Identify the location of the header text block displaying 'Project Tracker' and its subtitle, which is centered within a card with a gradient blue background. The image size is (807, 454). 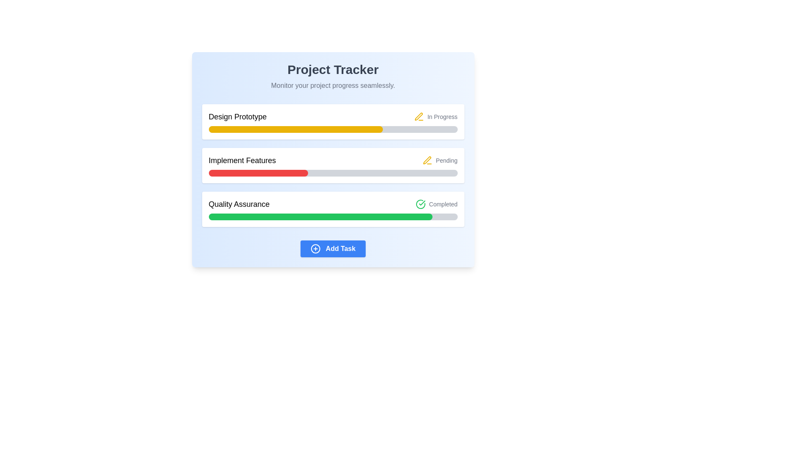
(332, 76).